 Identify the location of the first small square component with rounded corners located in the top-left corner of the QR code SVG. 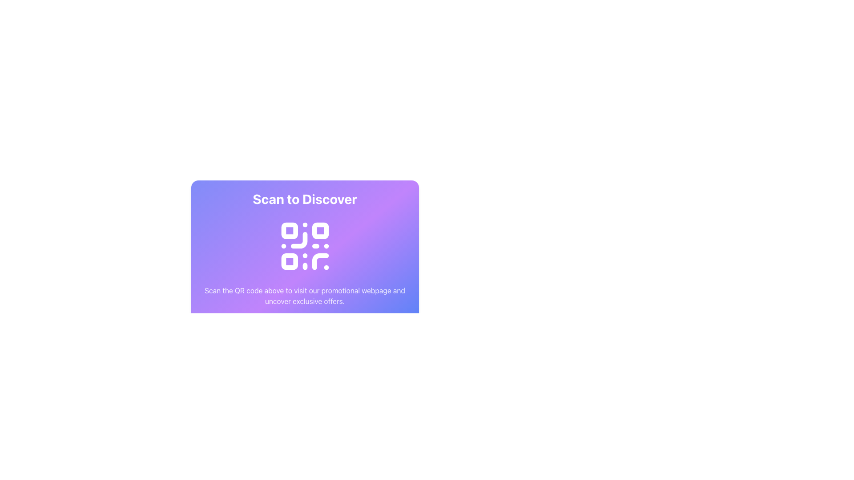
(289, 230).